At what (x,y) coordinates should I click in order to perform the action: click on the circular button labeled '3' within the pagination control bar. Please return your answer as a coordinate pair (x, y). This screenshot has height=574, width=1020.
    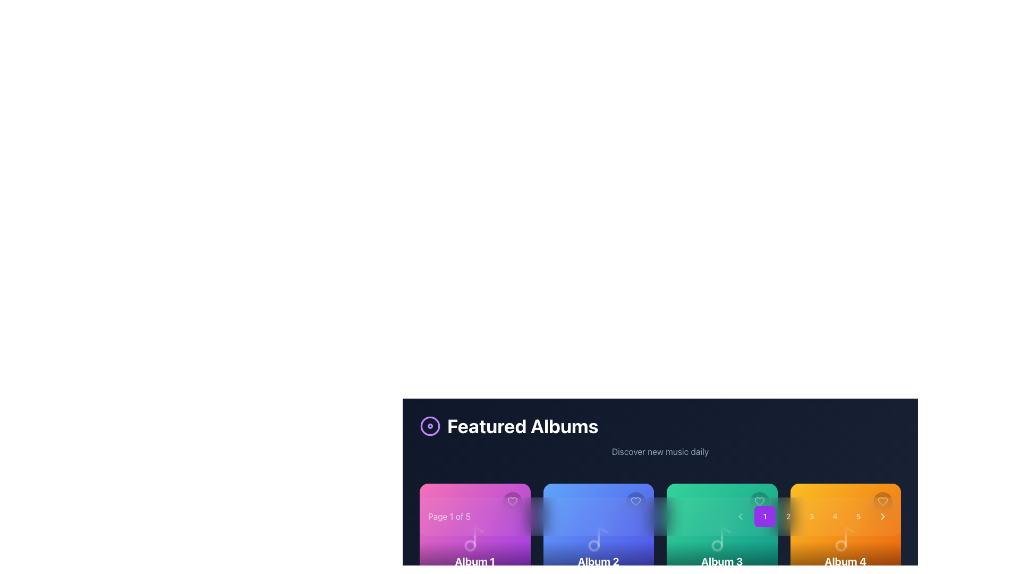
    Looking at the image, I should click on (811, 516).